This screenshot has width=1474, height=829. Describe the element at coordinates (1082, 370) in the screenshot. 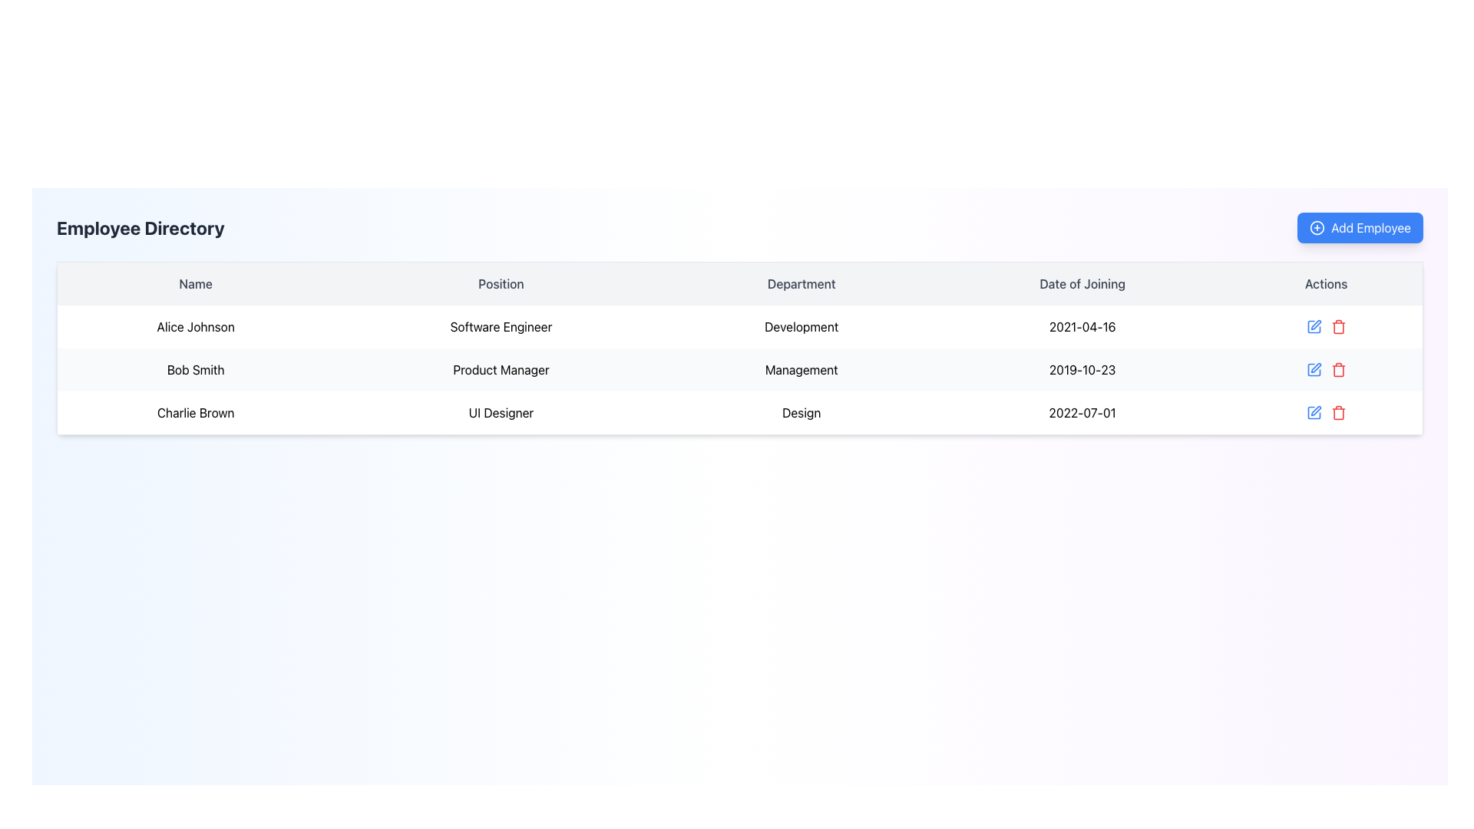

I see `the static text displaying the date '2019-10-23' located in the fourth column of the second row of the employee details table` at that location.